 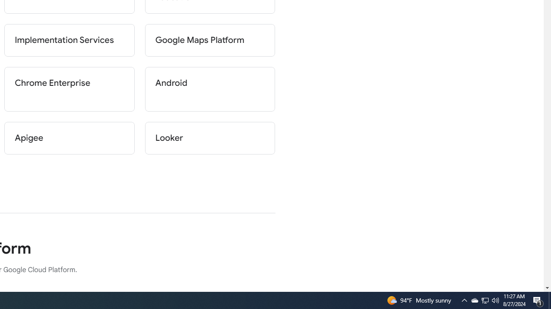 I want to click on 'Google Maps Platform', so click(x=210, y=40).